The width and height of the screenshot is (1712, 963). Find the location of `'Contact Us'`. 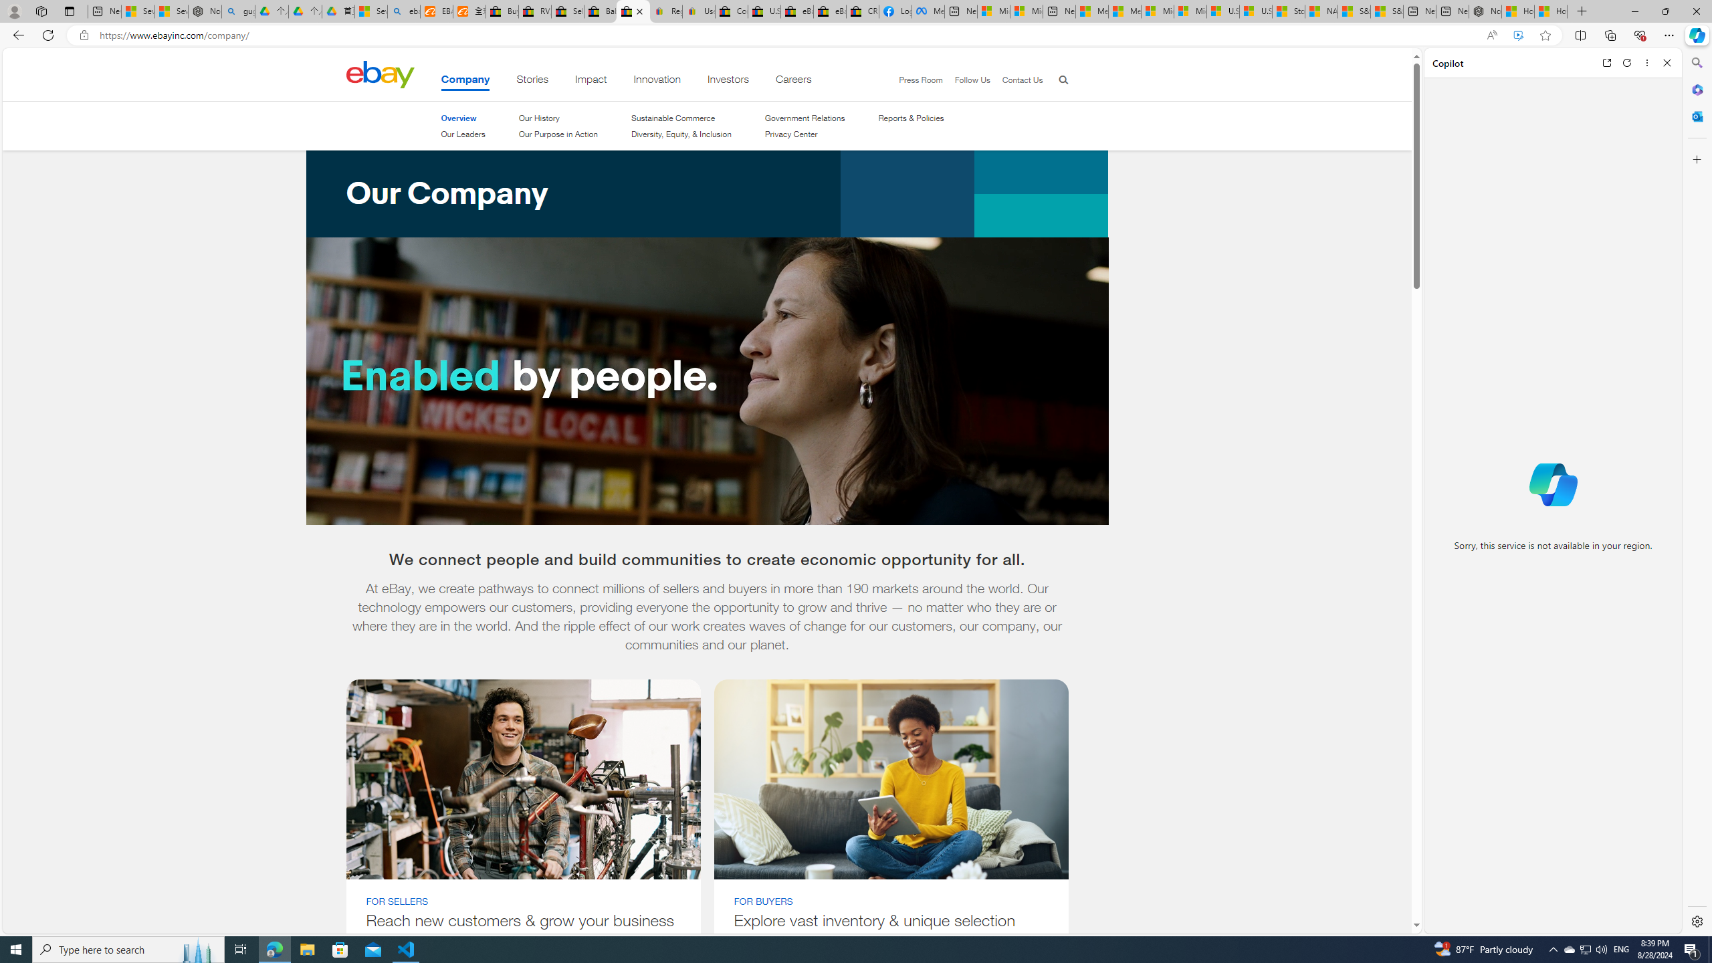

'Contact Us' is located at coordinates (1016, 80).